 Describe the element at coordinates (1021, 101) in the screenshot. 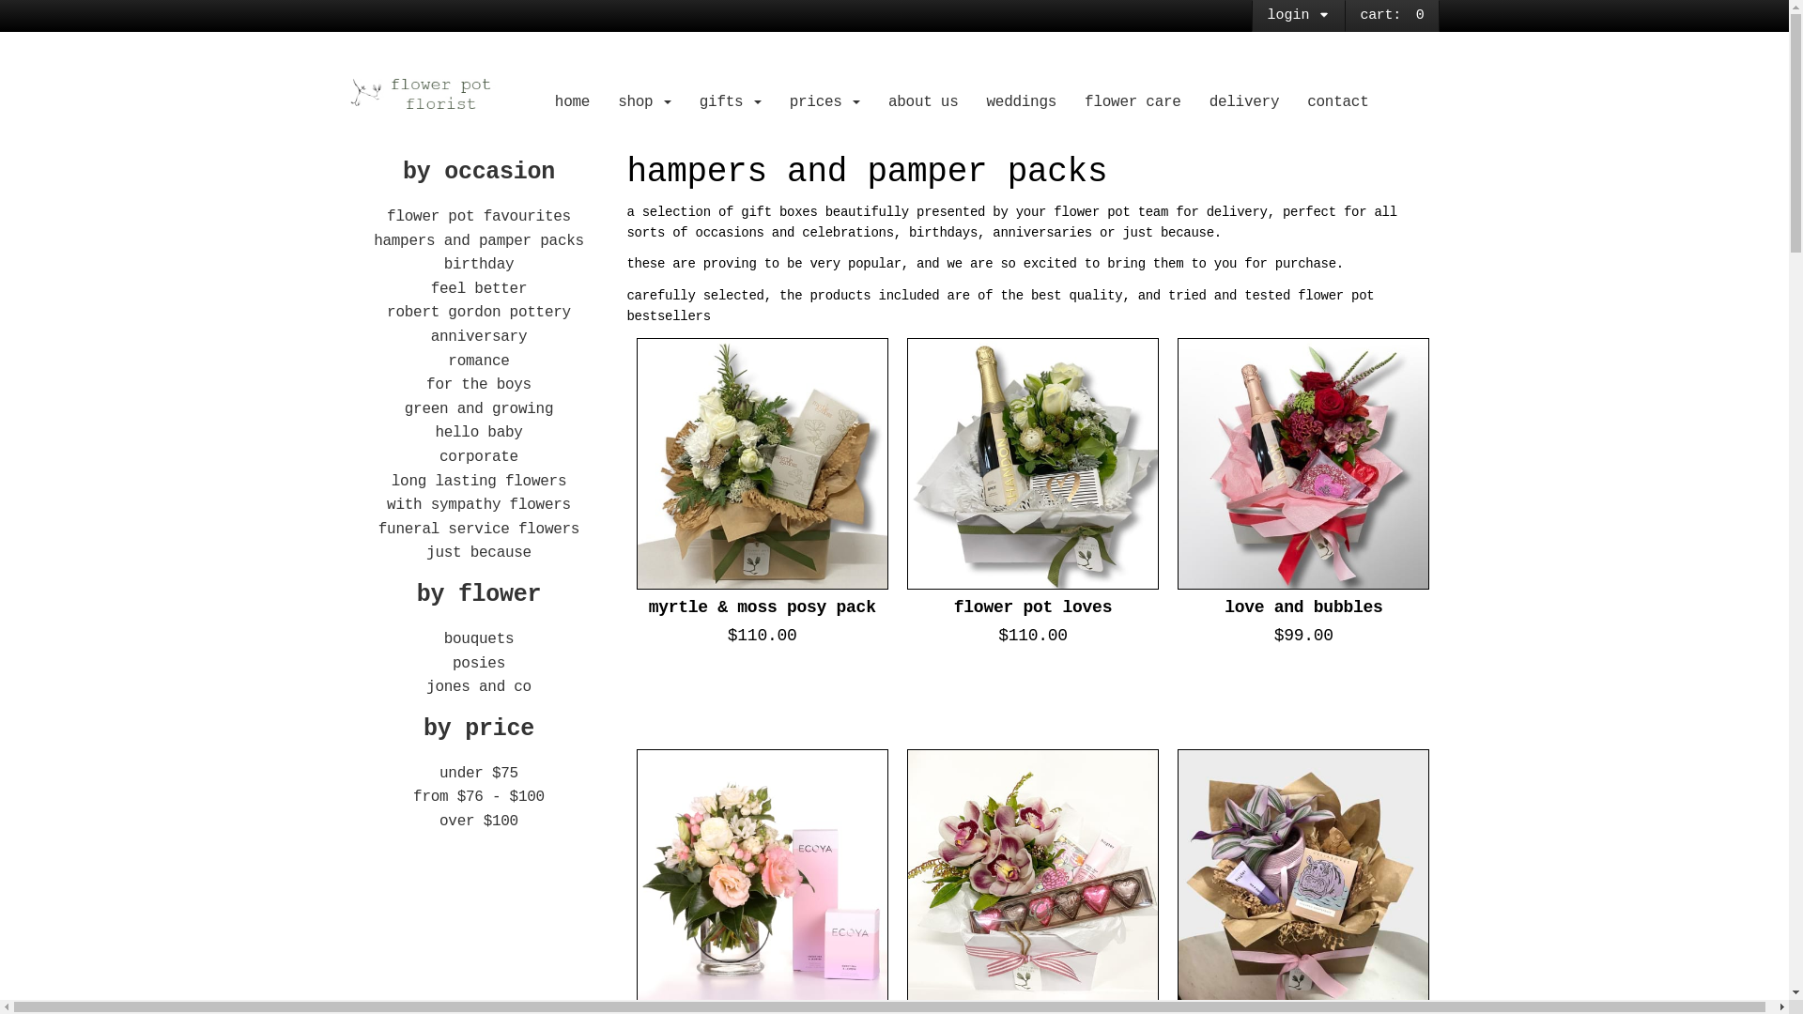

I see `'weddings'` at that location.